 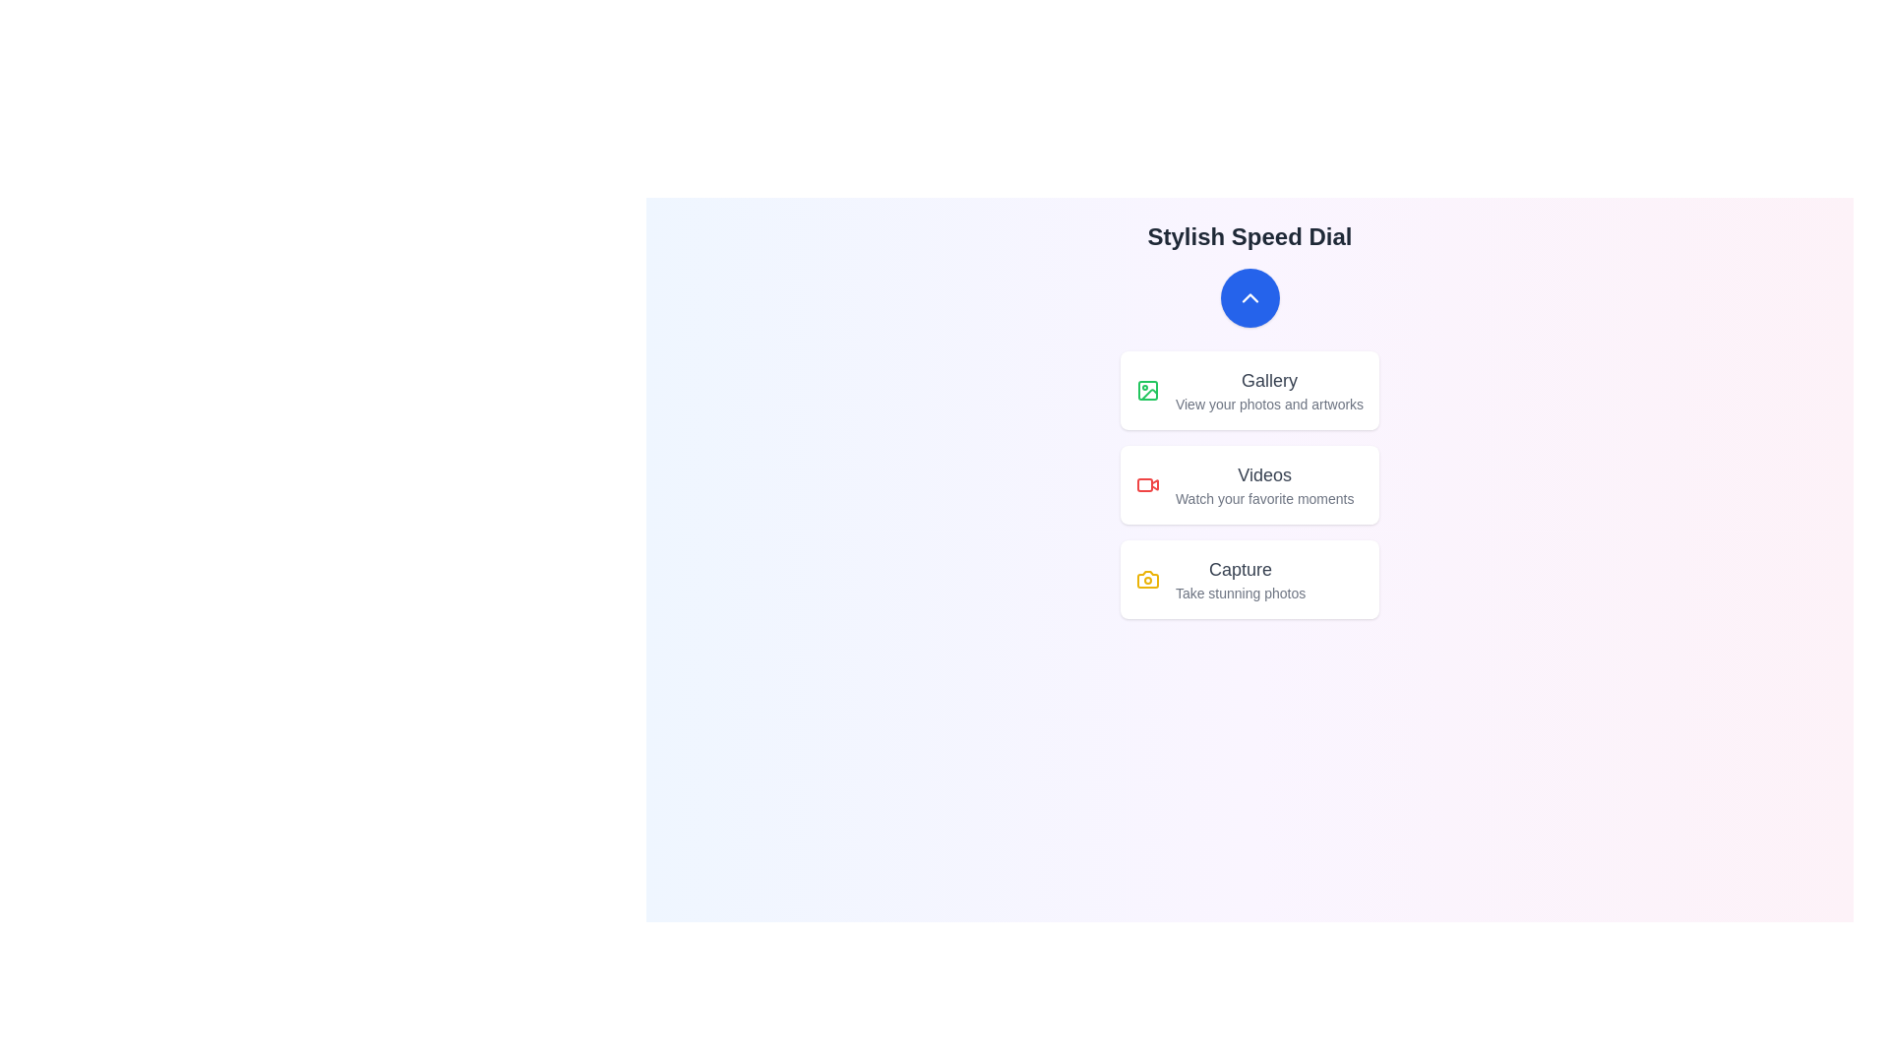 I want to click on the Videos item from the StylishSpeedDial component, so click(x=1249, y=485).